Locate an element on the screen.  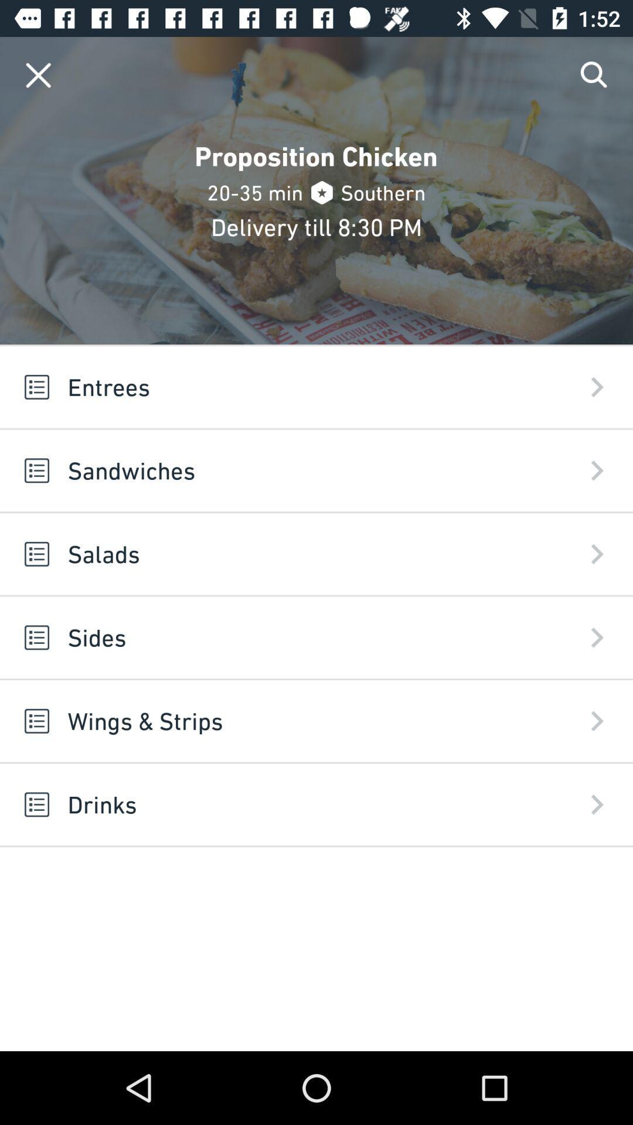
search button is located at coordinates (594, 74).